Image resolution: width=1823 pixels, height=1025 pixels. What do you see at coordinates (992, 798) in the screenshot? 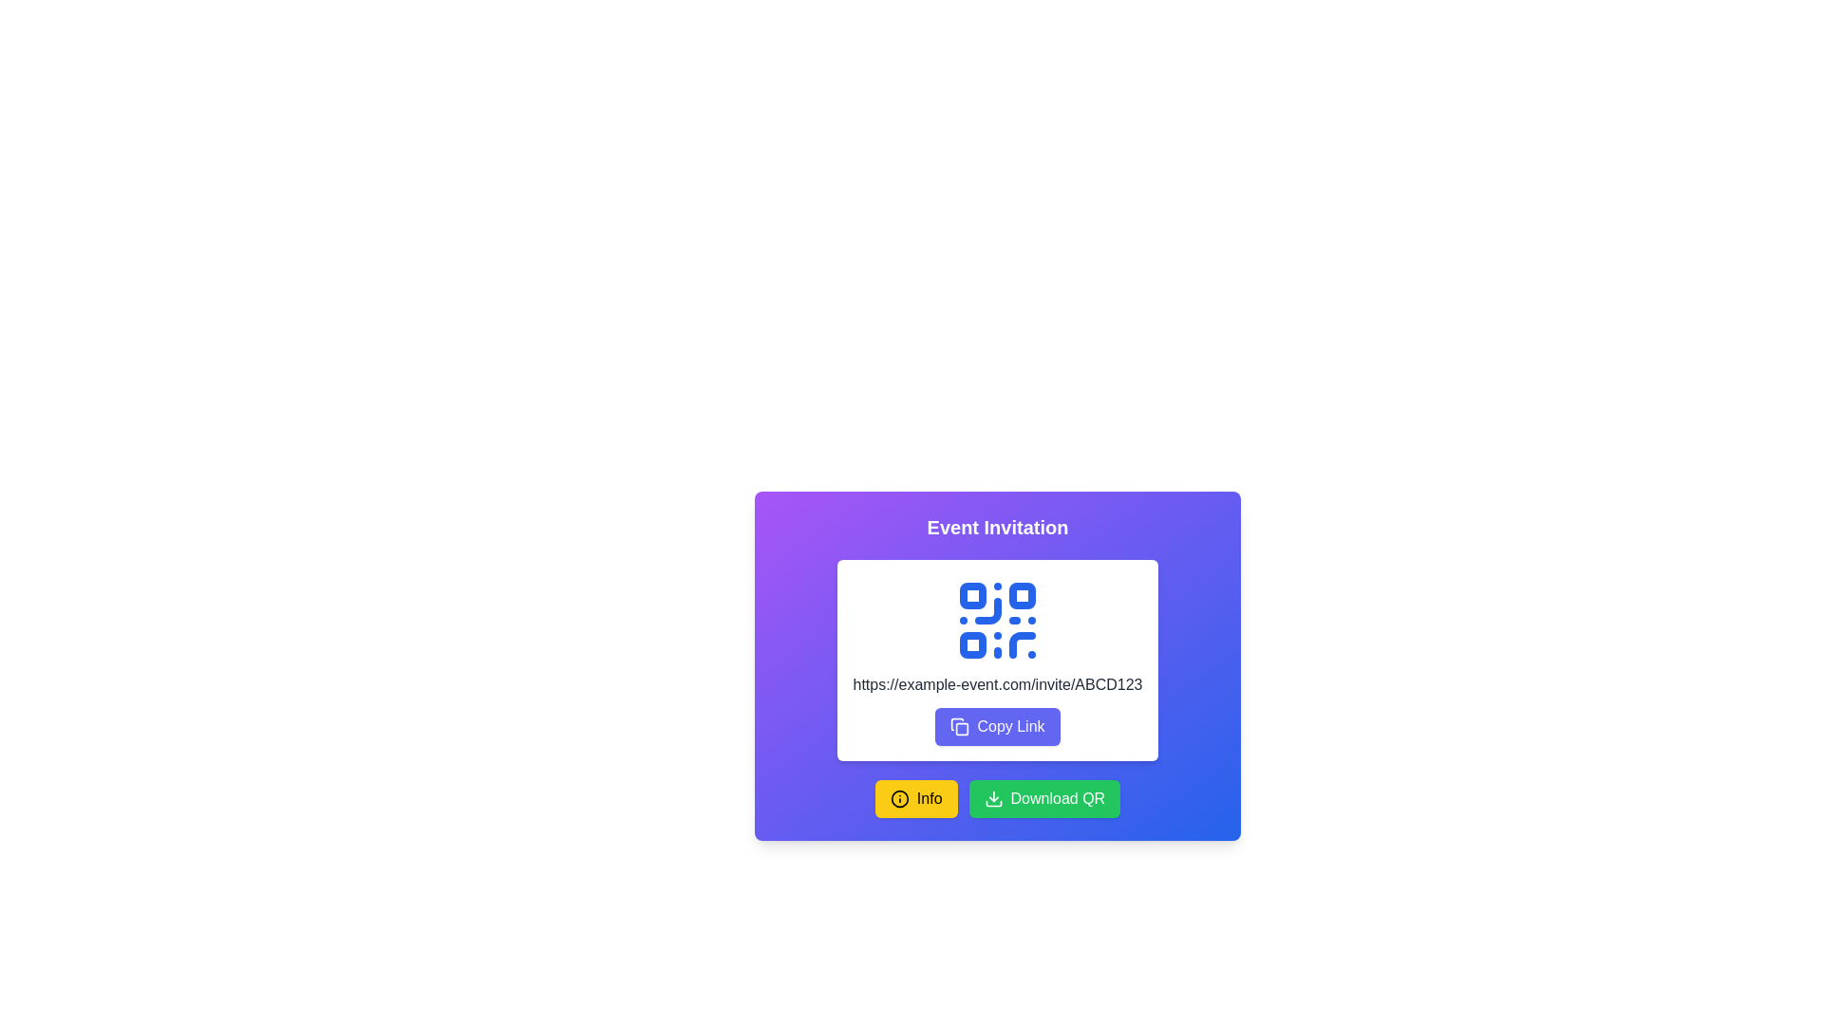
I see `the download icon within the green 'Download QR' button located in the bottom-right corner of the card with a purple and blue gradient background` at bounding box center [992, 798].